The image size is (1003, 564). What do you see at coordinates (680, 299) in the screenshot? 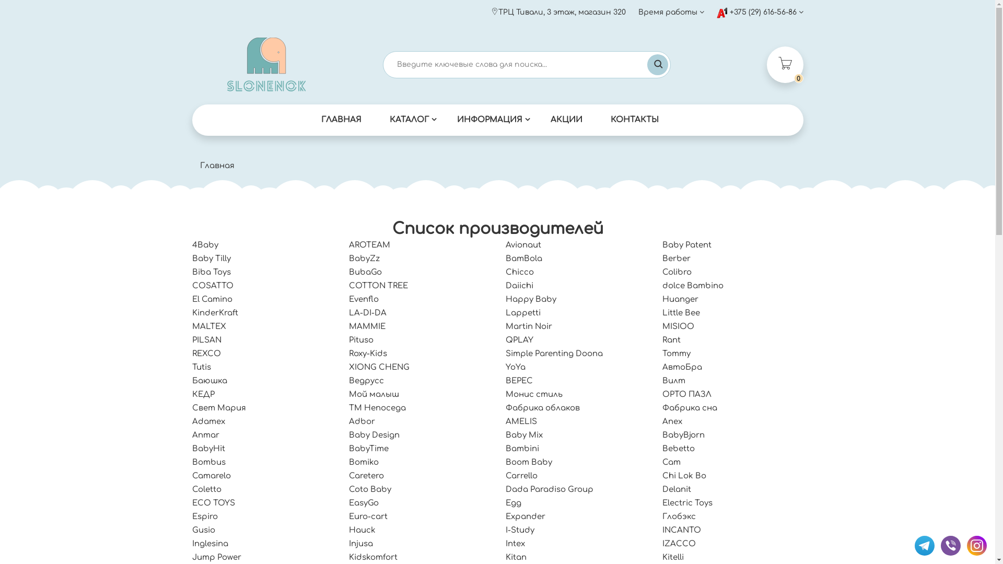
I see `'Huanger'` at bounding box center [680, 299].